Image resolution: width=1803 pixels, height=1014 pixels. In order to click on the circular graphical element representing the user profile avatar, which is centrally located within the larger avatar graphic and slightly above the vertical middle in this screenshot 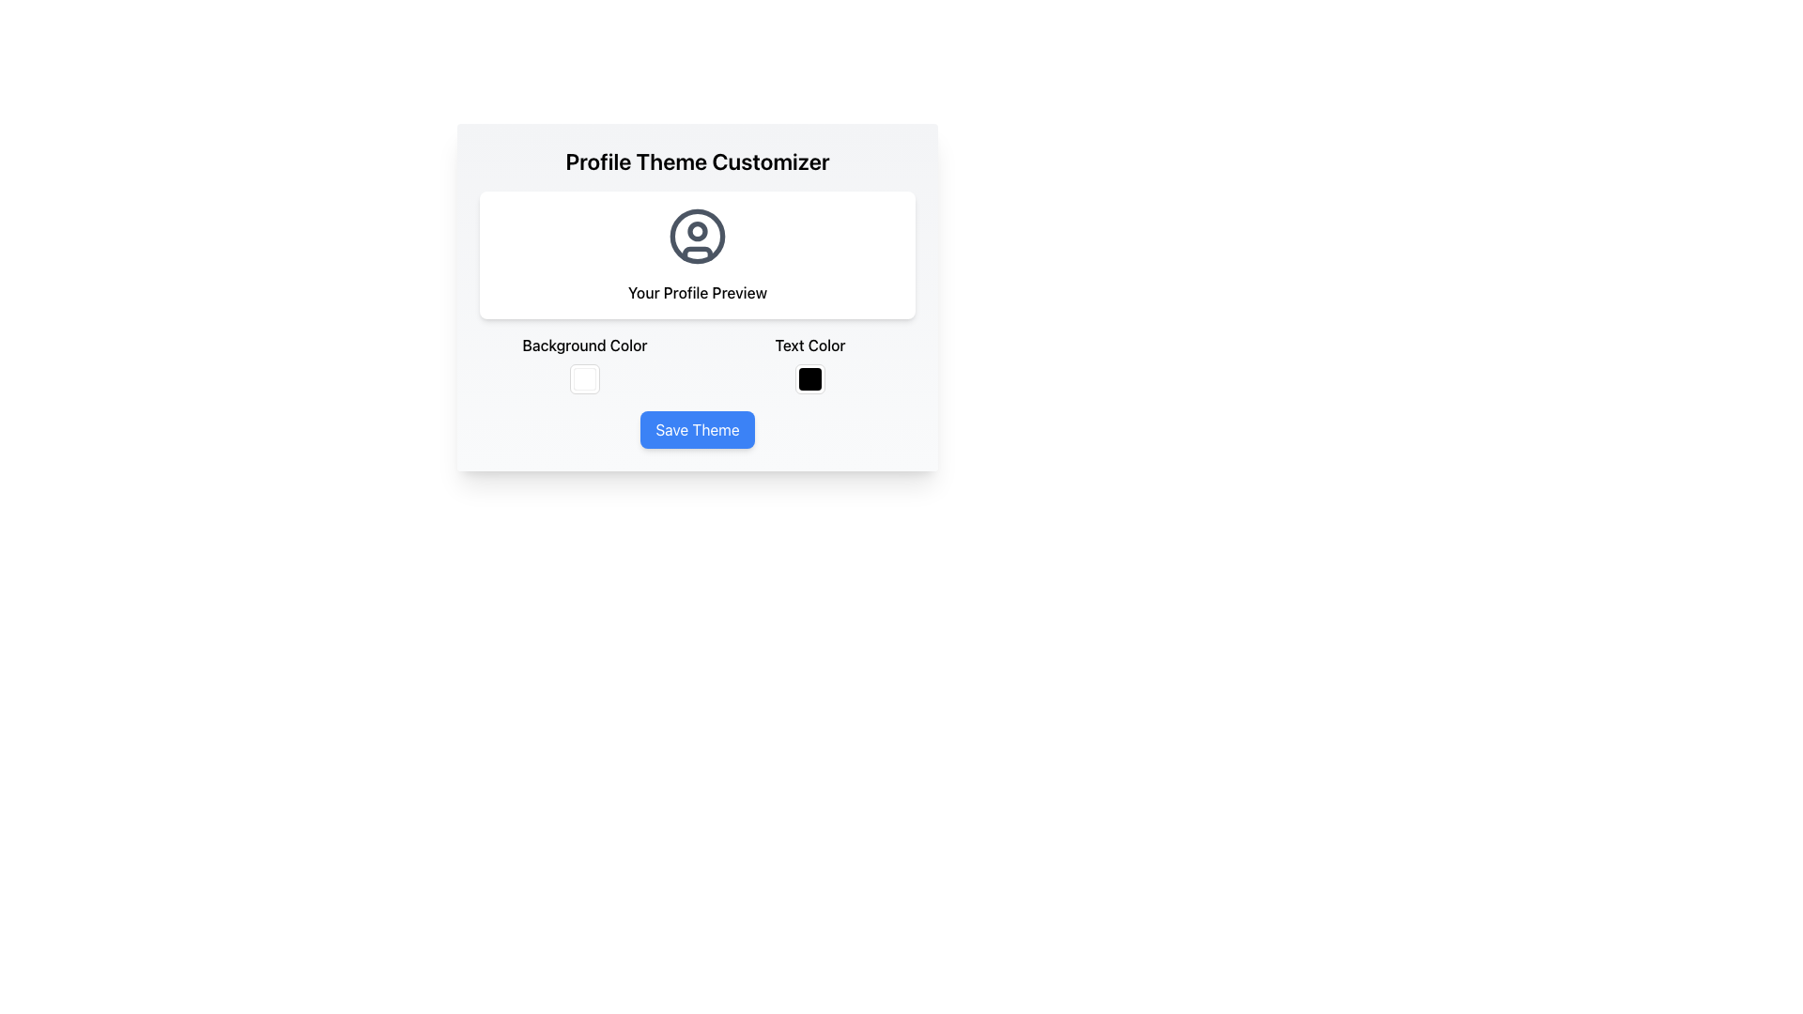, I will do `click(697, 230)`.